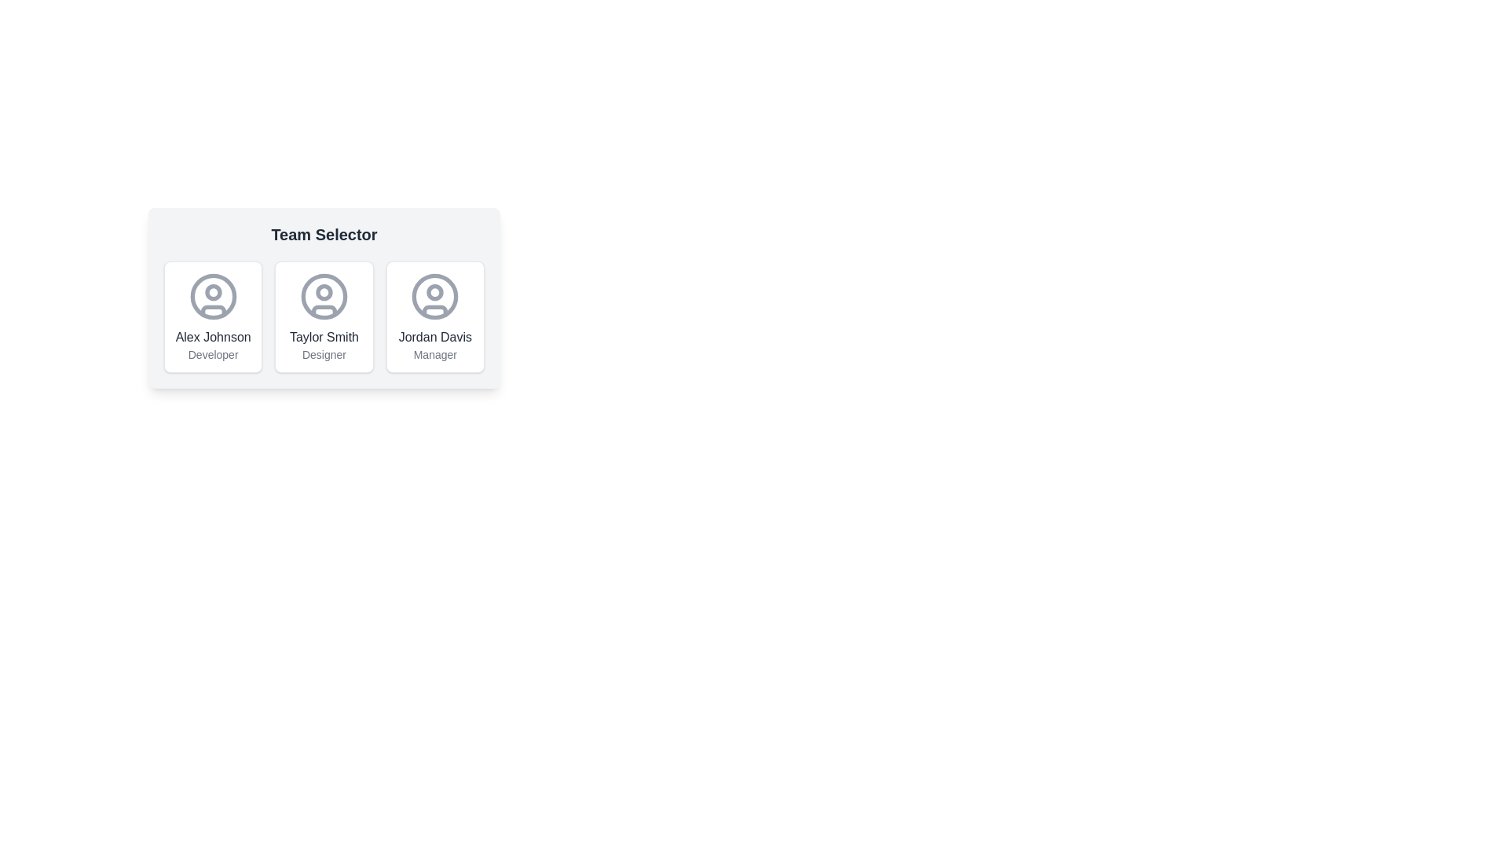  I want to click on the circular icon representing 'Alex Johnson Developer' in the leftmost user card of the 'Team Selector' UI component, so click(212, 292).